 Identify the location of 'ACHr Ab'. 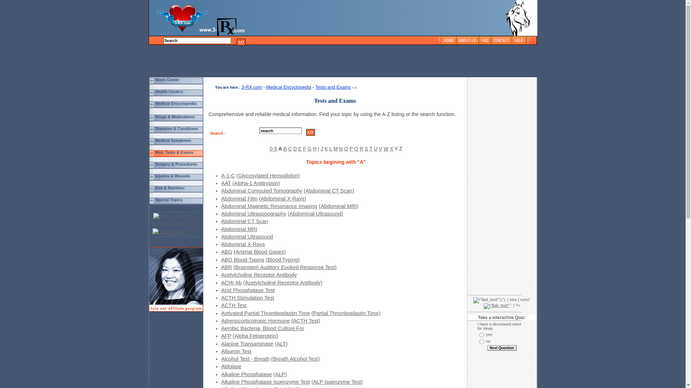
(231, 282).